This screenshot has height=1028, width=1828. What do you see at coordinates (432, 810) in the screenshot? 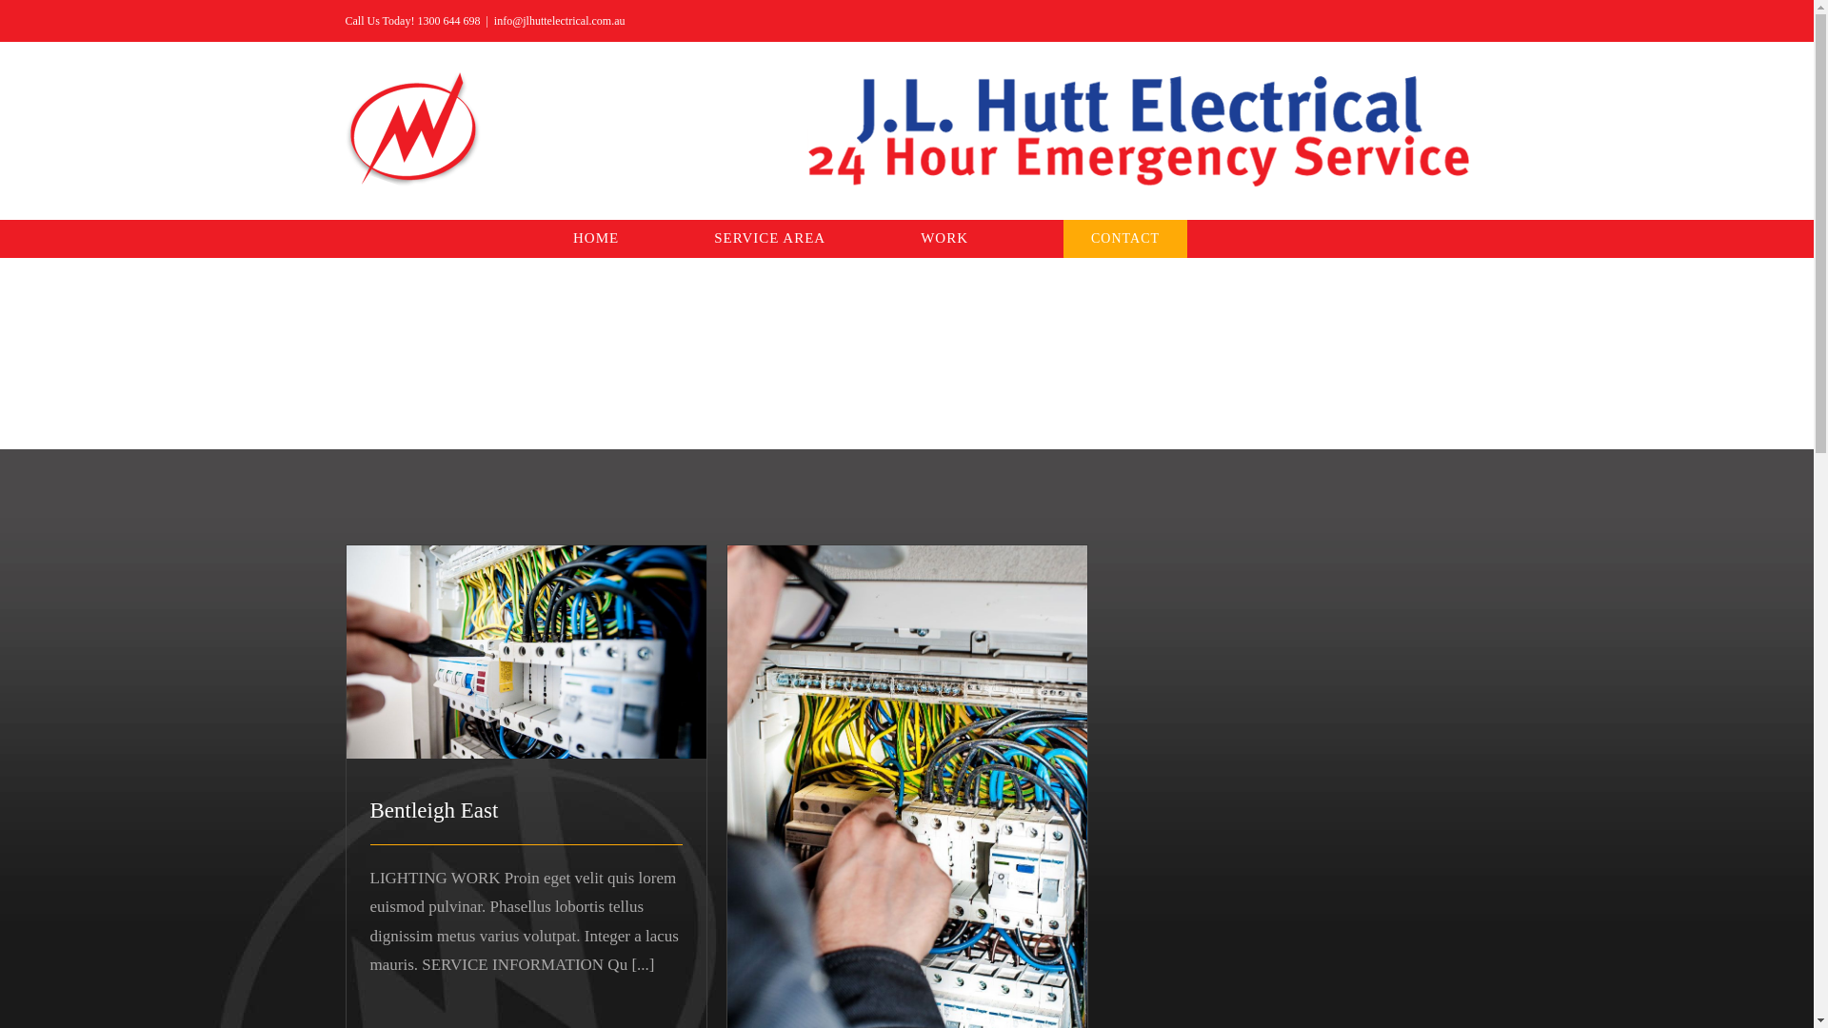
I see `'Bentleigh East'` at bounding box center [432, 810].